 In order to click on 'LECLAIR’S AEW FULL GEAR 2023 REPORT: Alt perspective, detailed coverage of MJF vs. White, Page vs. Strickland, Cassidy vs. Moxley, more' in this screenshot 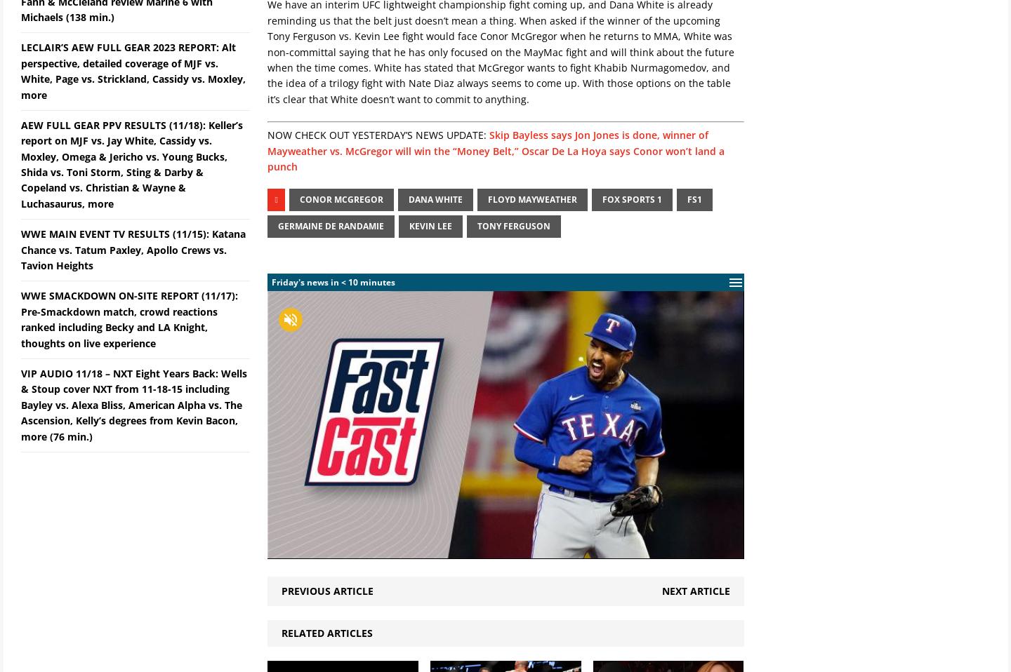, I will do `click(133, 70)`.